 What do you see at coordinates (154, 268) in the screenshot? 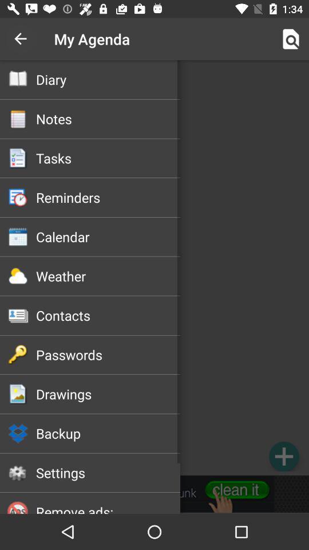
I see `my personal agenda` at bounding box center [154, 268].